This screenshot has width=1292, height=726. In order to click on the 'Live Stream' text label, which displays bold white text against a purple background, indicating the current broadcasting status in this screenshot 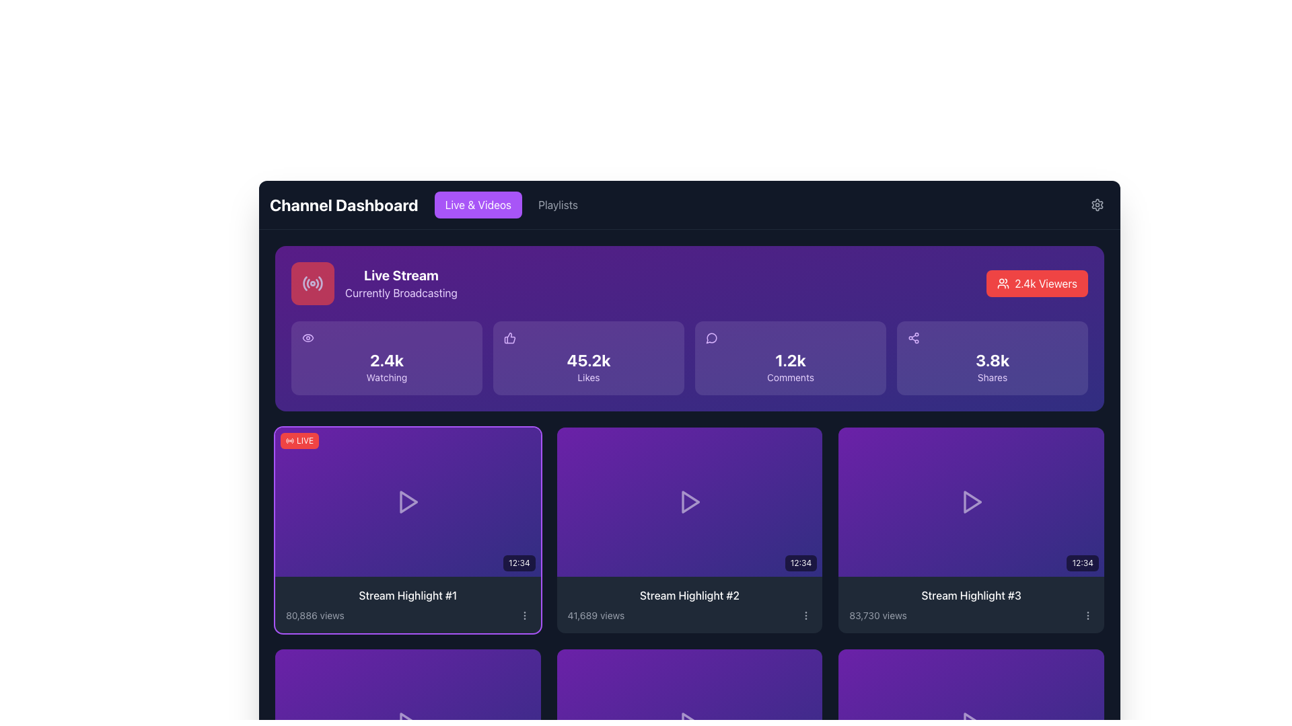, I will do `click(400, 282)`.